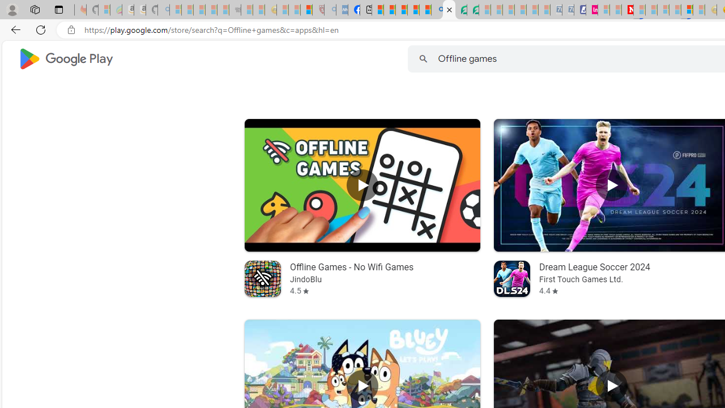  What do you see at coordinates (611, 385) in the screenshot?
I see `'Play Shadow Fight 3 - RPG fighting'` at bounding box center [611, 385].